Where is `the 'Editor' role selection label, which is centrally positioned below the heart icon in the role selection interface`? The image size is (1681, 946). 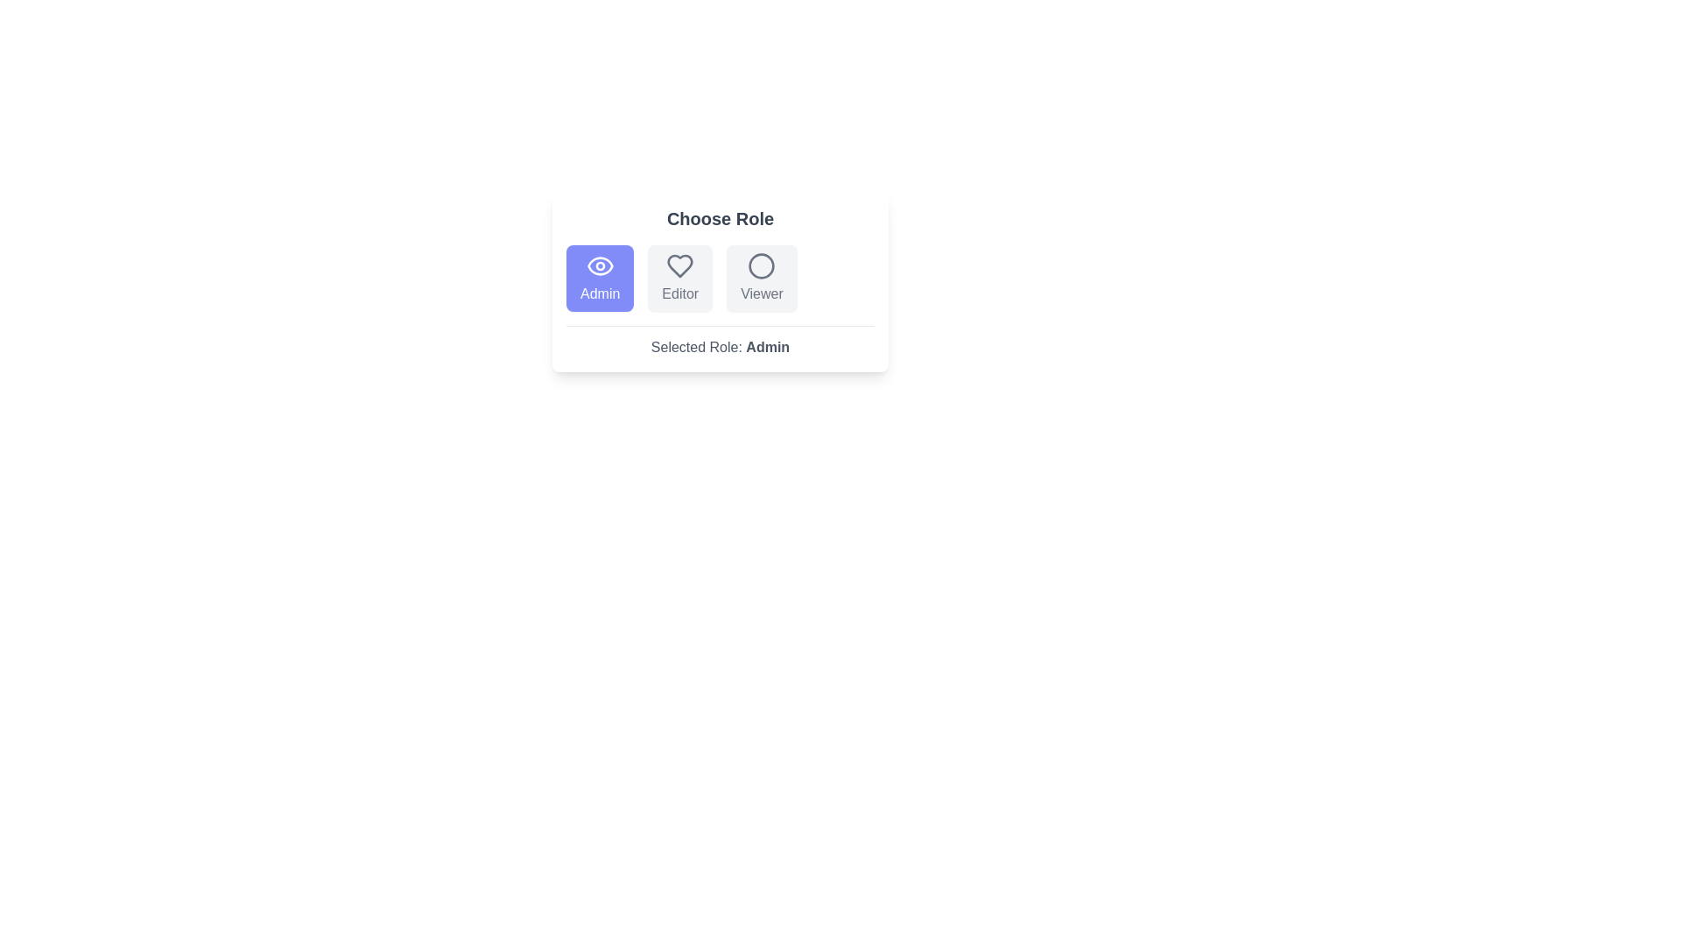 the 'Editor' role selection label, which is centrally positioned below the heart icon in the role selection interface is located at coordinates (679, 293).